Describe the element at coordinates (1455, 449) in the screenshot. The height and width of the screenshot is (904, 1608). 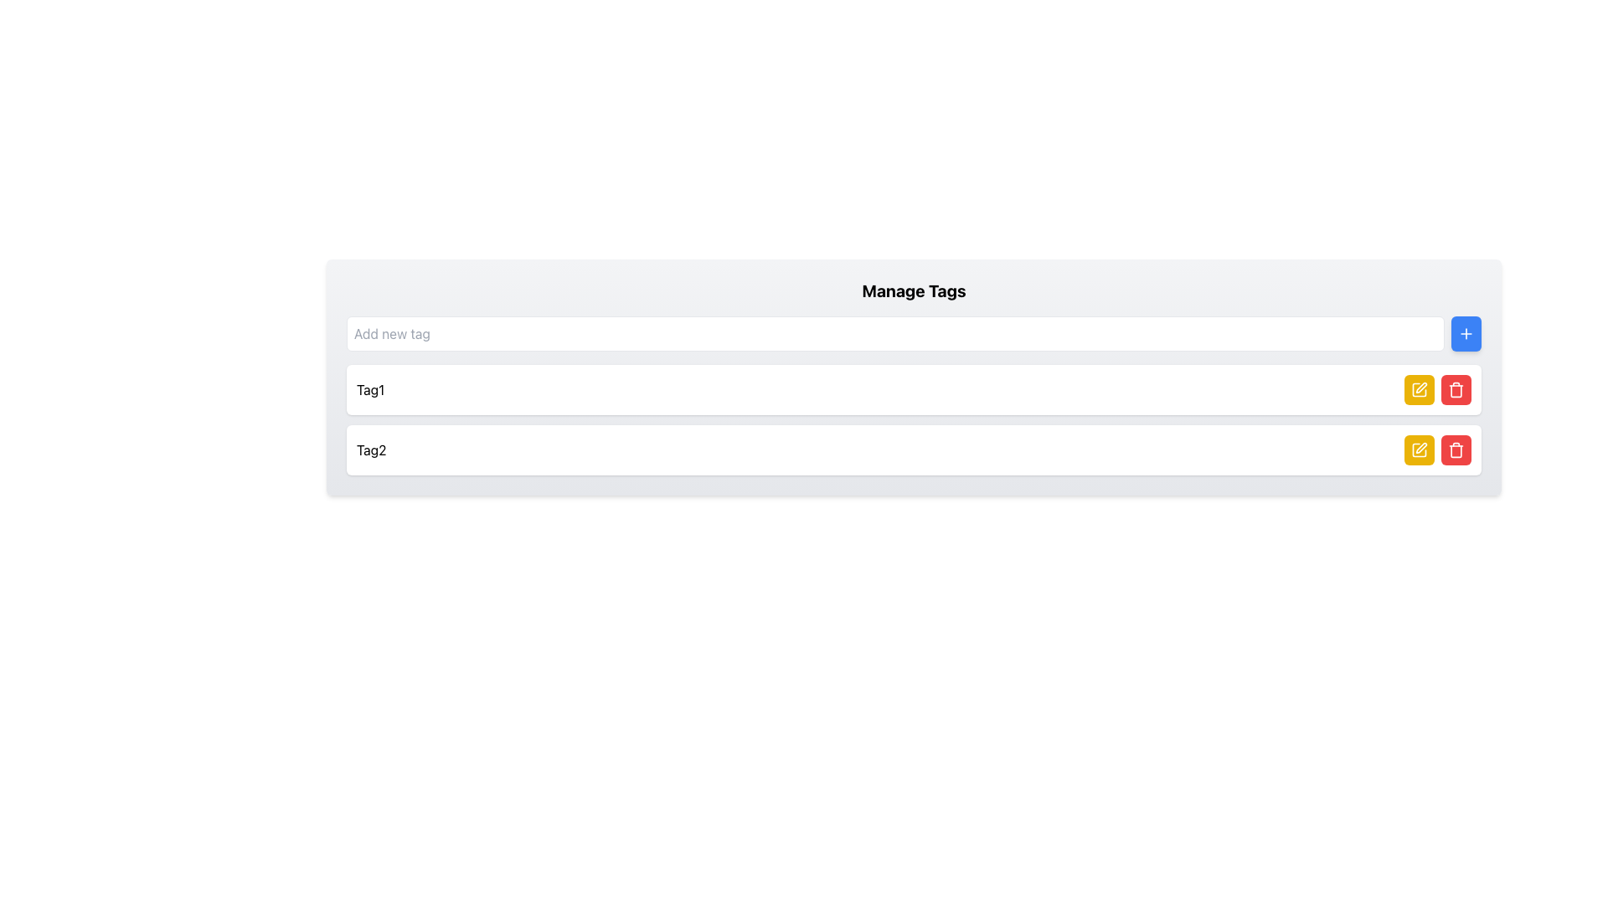
I see `the delete button located at the rightmost position in the second row of the tag list to initiate deletion of the respective tag` at that location.